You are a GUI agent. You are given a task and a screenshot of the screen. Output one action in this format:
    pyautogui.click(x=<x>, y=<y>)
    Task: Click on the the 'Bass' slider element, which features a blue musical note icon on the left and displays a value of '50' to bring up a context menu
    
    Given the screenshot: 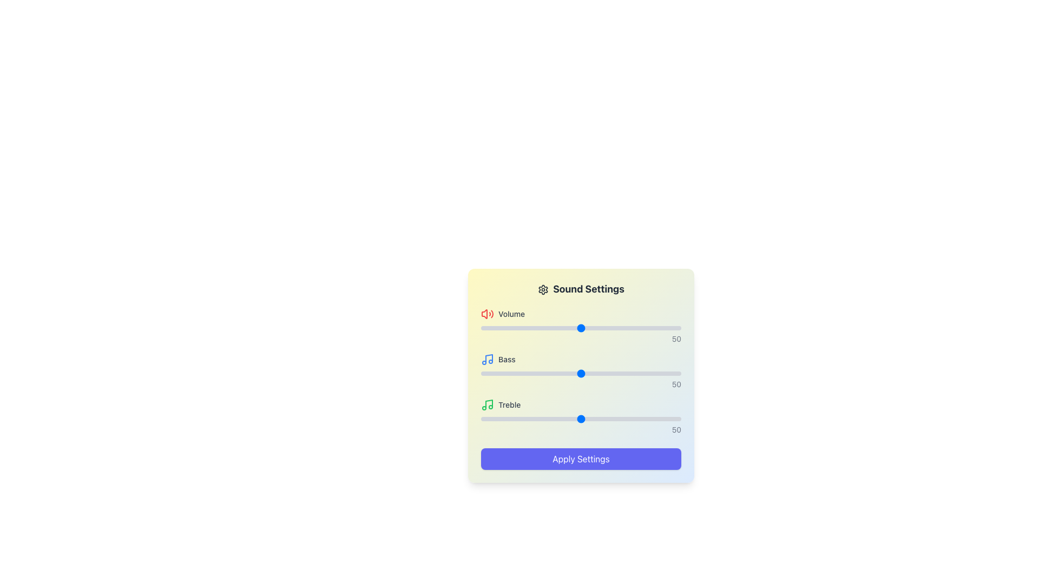 What is the action you would take?
    pyautogui.click(x=581, y=370)
    